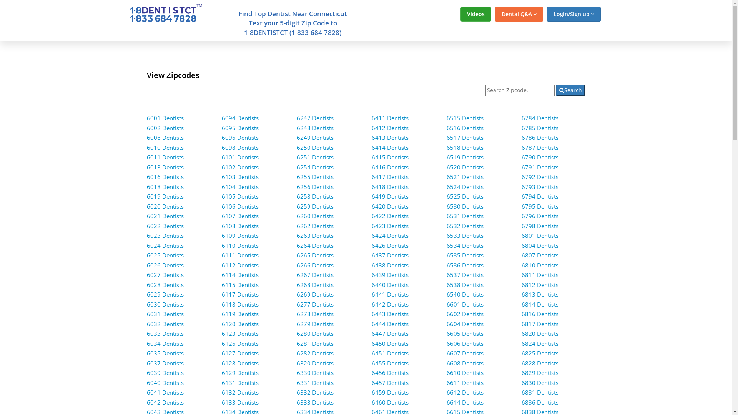 The image size is (738, 415). What do you see at coordinates (315, 187) in the screenshot?
I see `'6256 Dentists'` at bounding box center [315, 187].